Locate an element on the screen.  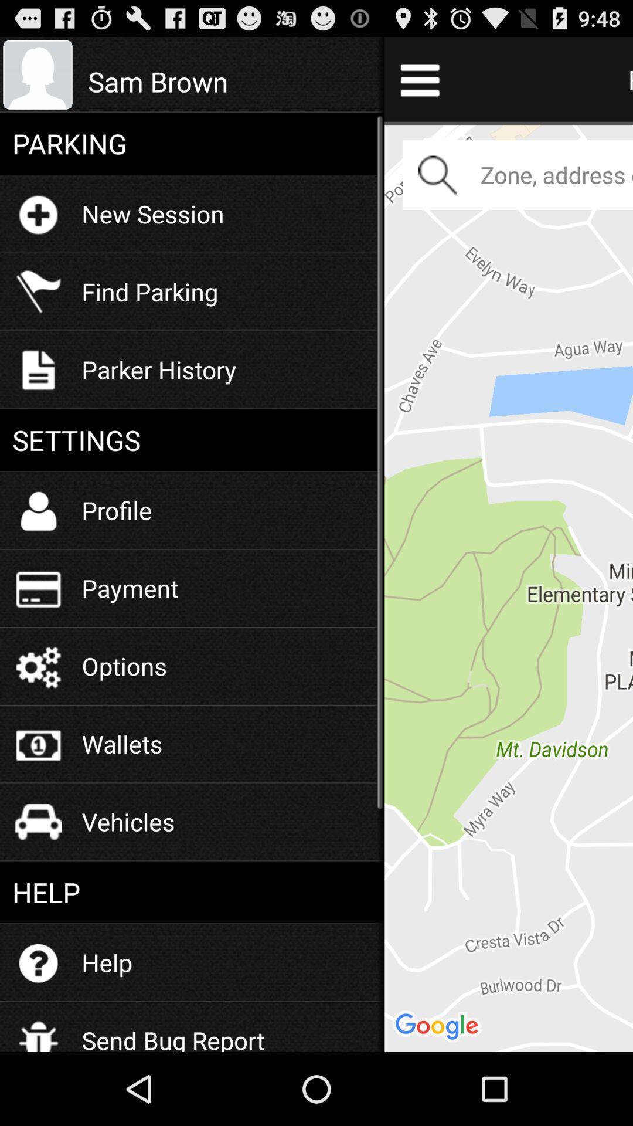
icon above the vehicles is located at coordinates (122, 743).